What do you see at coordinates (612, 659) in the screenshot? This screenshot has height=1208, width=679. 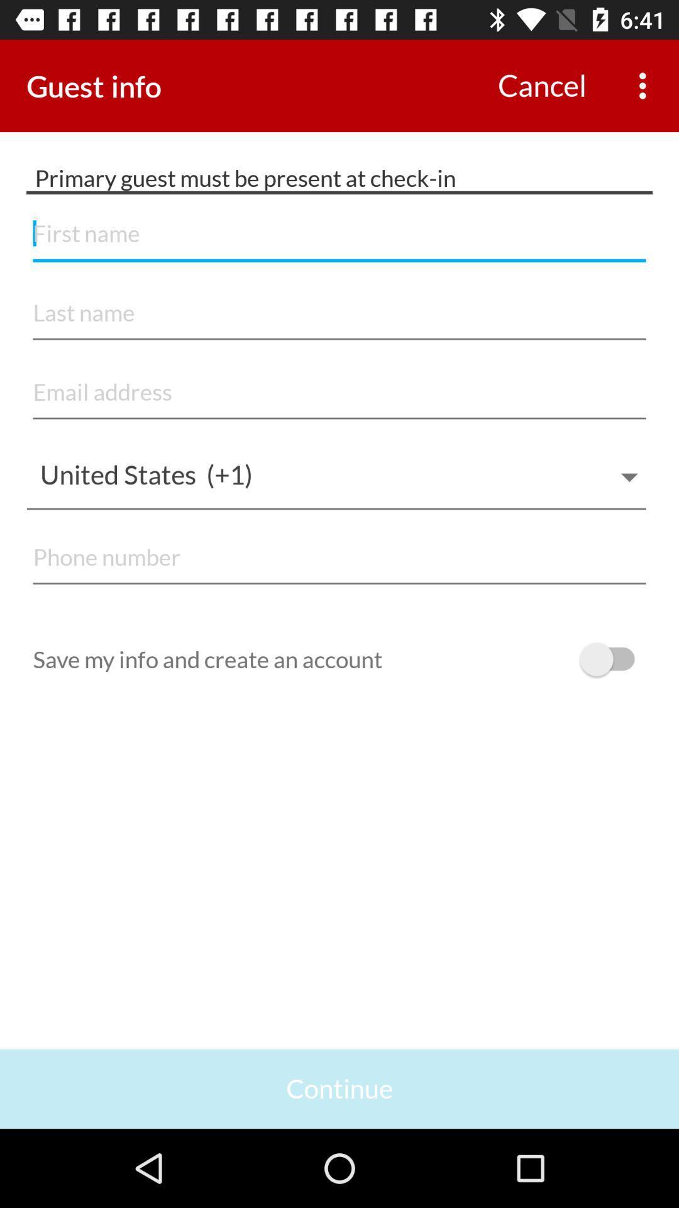 I see `off on` at bounding box center [612, 659].